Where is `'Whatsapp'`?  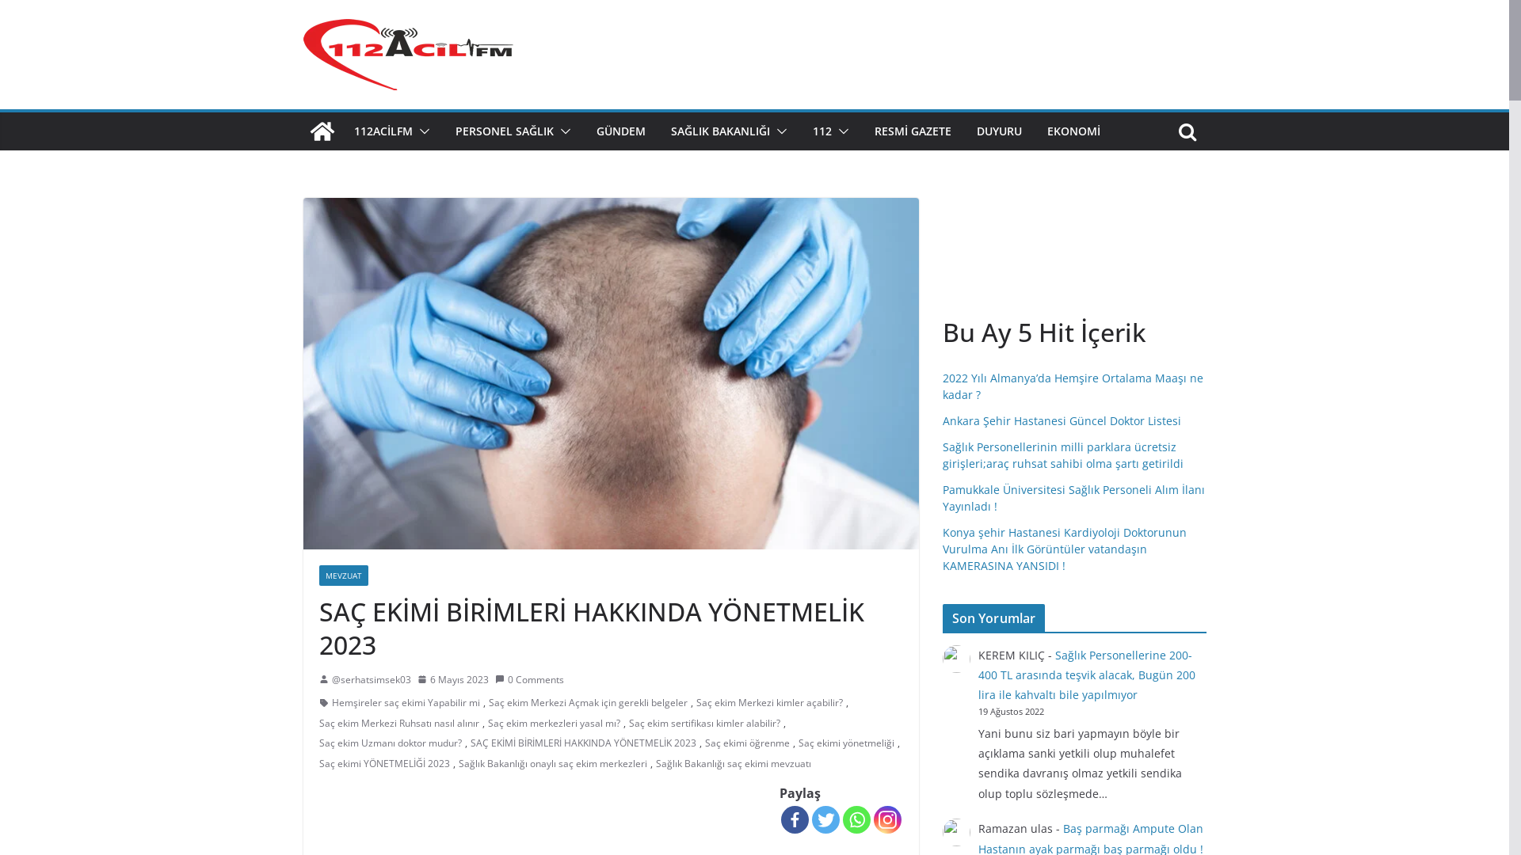
'Whatsapp' is located at coordinates (856, 819).